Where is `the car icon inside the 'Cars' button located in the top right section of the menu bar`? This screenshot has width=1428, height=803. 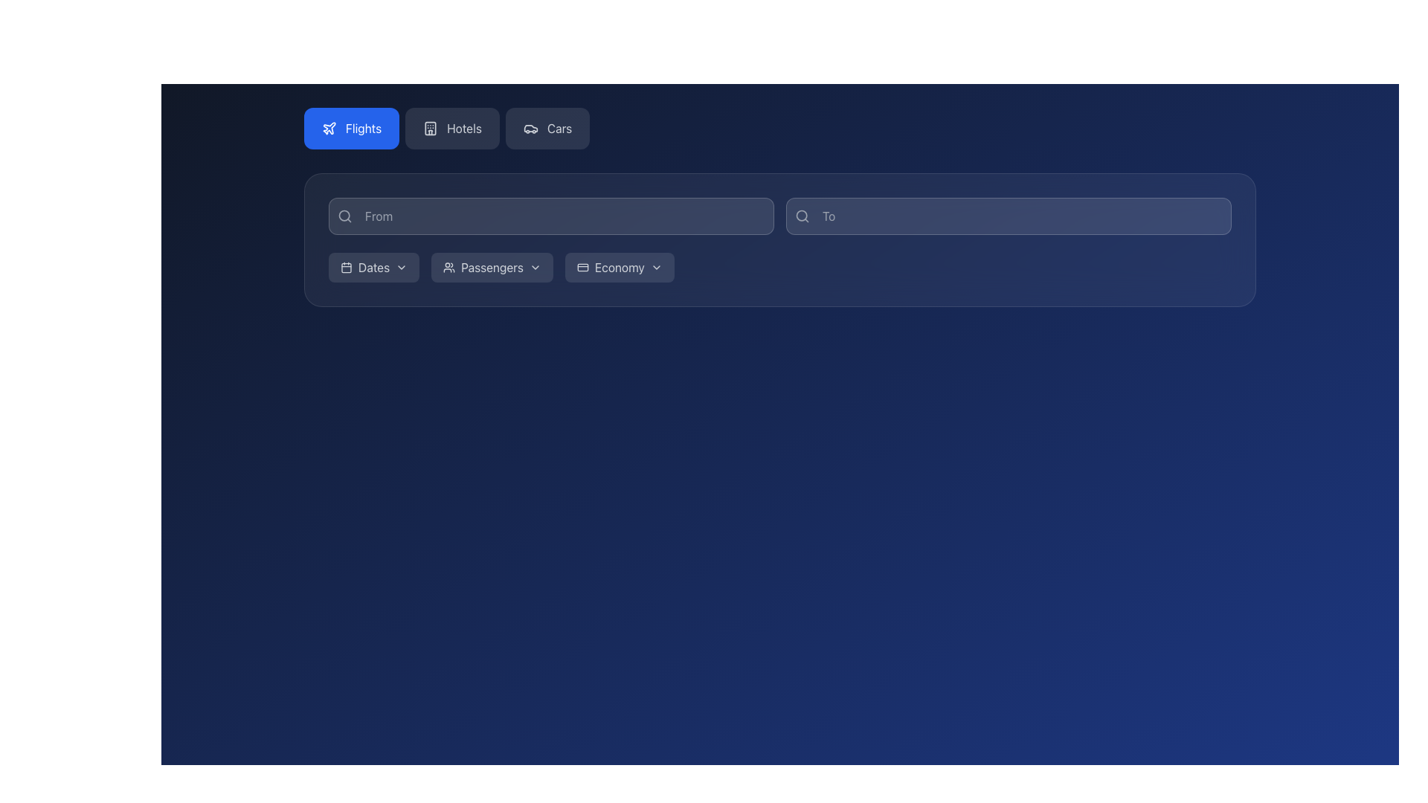
the car icon inside the 'Cars' button located in the top right section of the menu bar is located at coordinates (530, 128).